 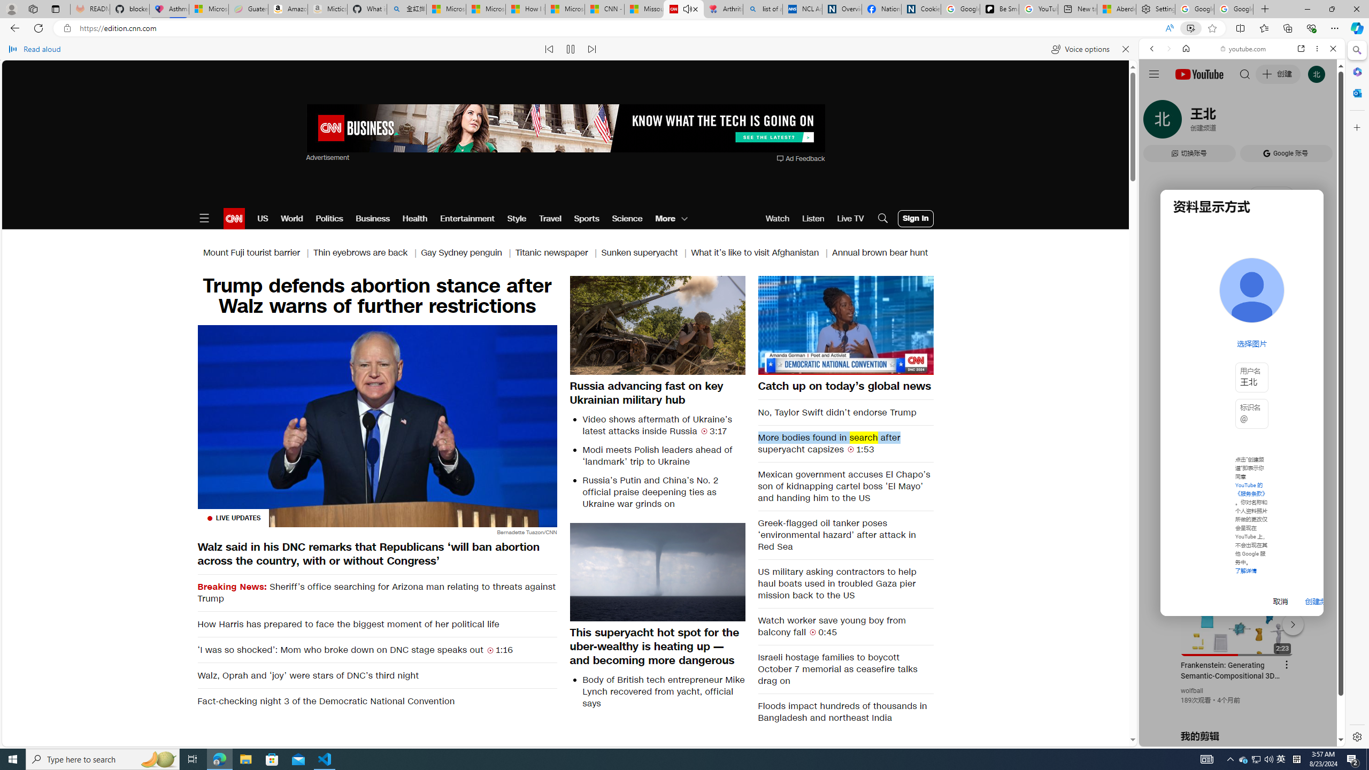 I want to click on 'US', so click(x=262, y=218).